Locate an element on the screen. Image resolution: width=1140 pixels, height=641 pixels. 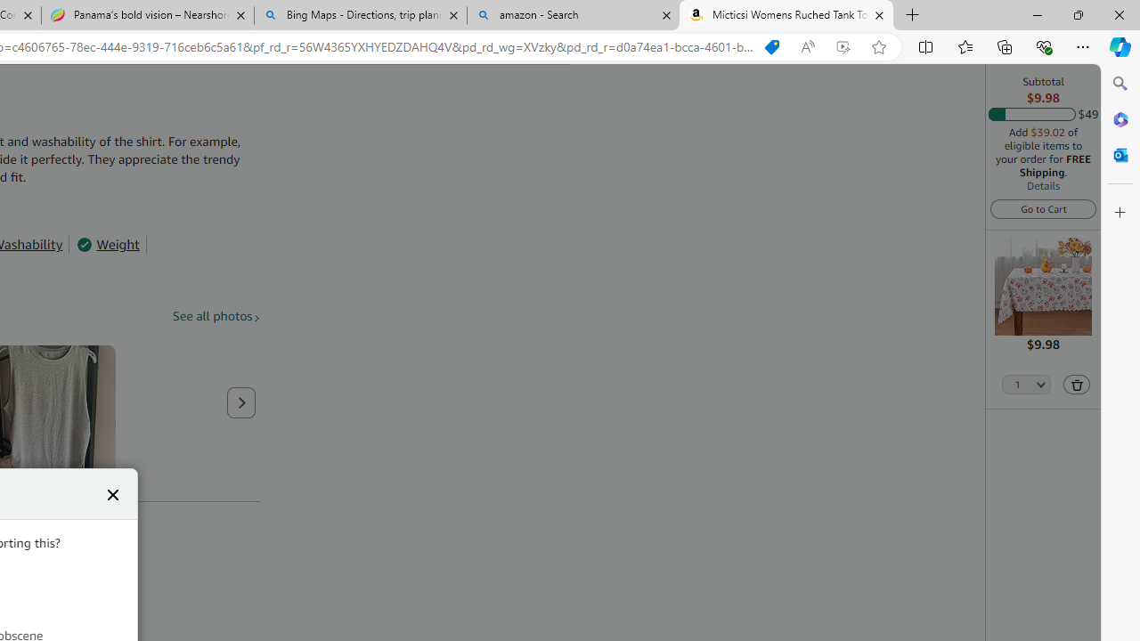
'Next page' is located at coordinates (240, 402).